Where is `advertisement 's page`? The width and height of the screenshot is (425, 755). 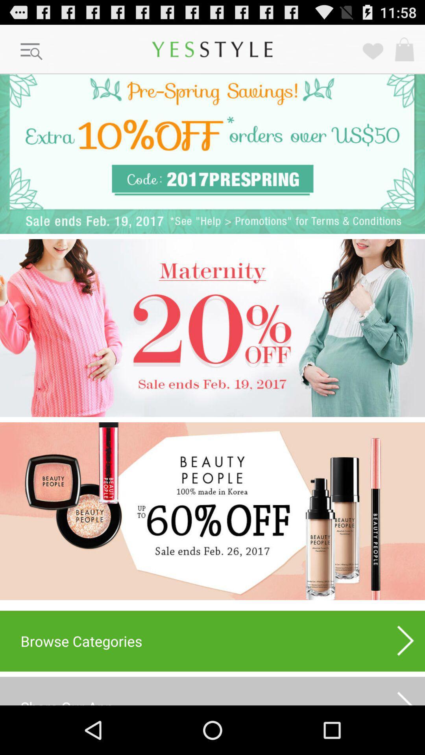
advertisement 's page is located at coordinates (213, 154).